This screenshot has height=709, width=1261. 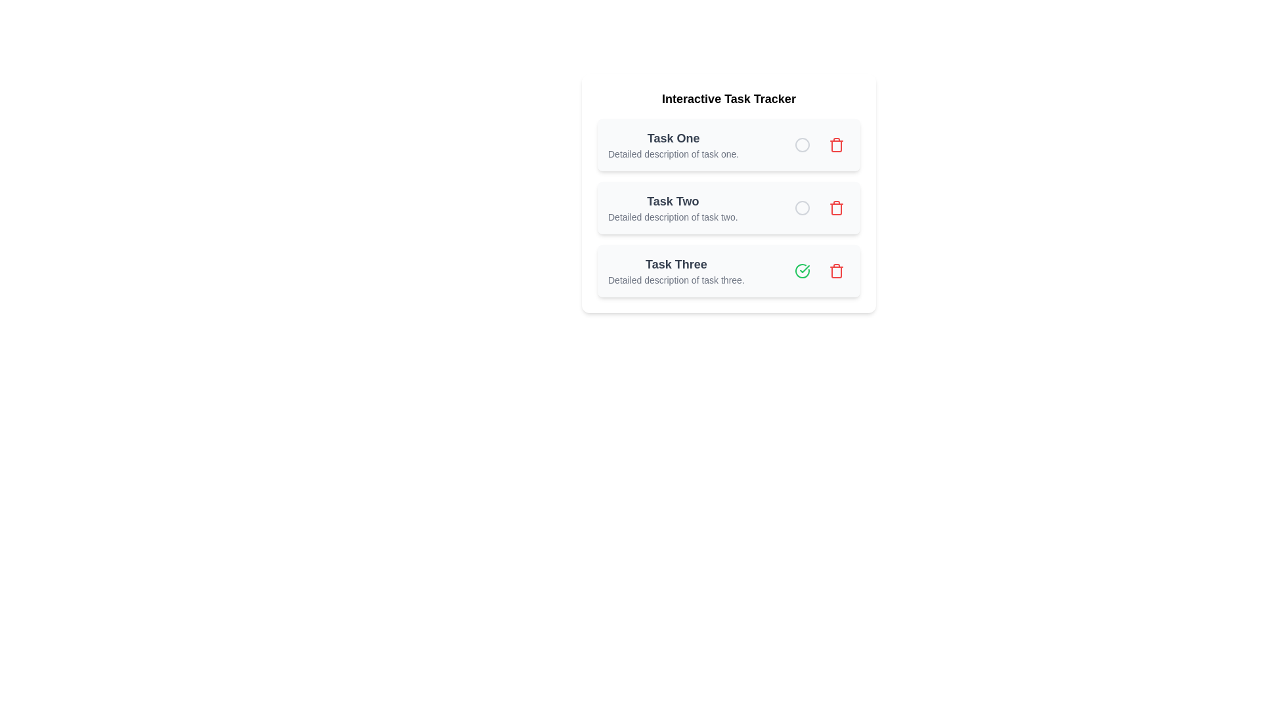 What do you see at coordinates (835, 270) in the screenshot?
I see `the delete button for task Task Three` at bounding box center [835, 270].